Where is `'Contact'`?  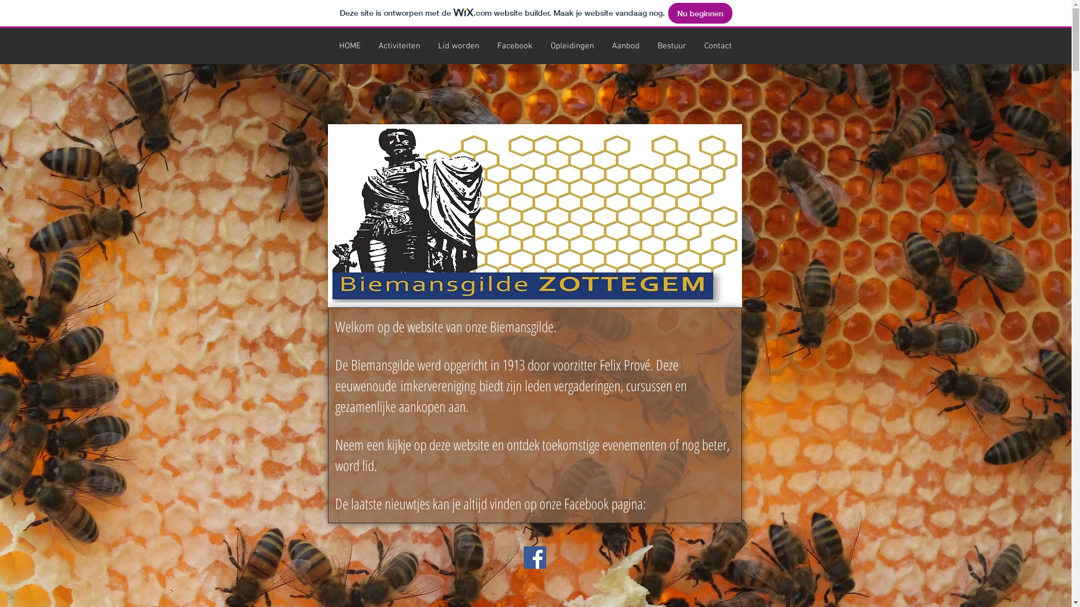
'Contact' is located at coordinates (717, 45).